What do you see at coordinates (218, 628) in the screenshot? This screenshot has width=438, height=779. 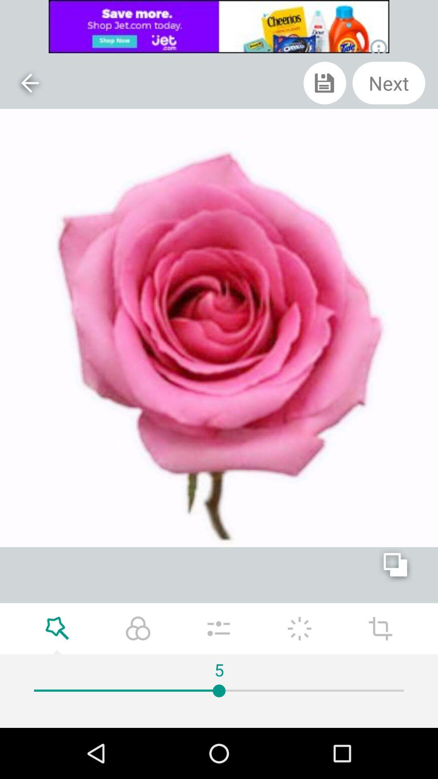 I see `the third button from the bottom left corner of the page` at bounding box center [218, 628].